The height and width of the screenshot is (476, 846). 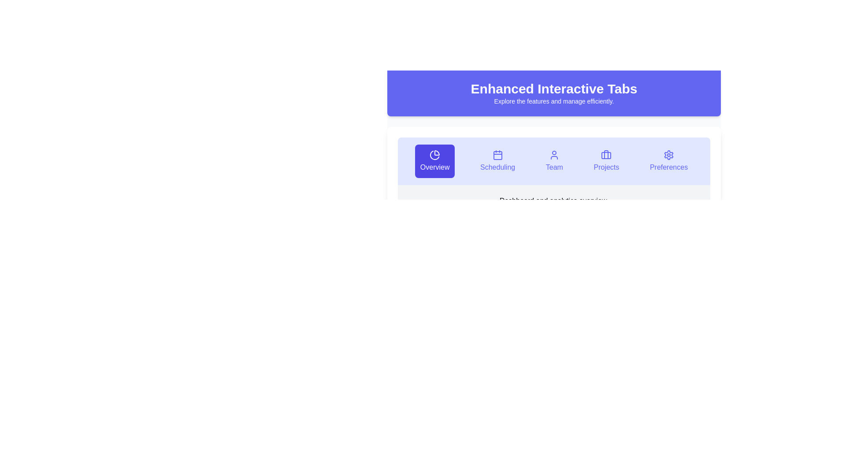 I want to click on the 'Overview' navigation button, so click(x=435, y=167).